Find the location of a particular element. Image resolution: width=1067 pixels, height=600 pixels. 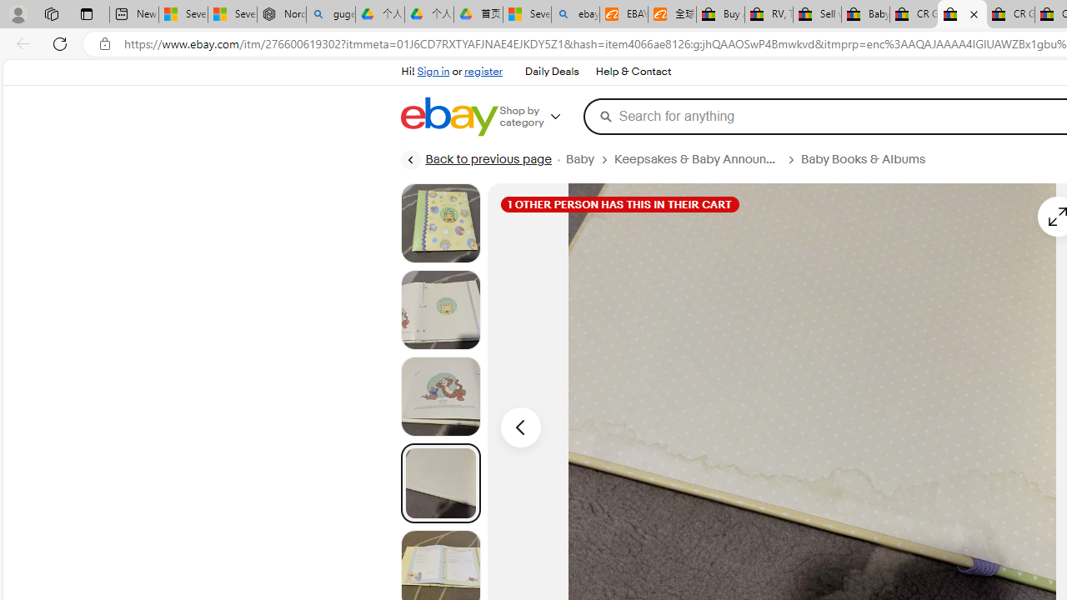

'Buy Auto Parts & Accessories | eBay' is located at coordinates (720, 14).